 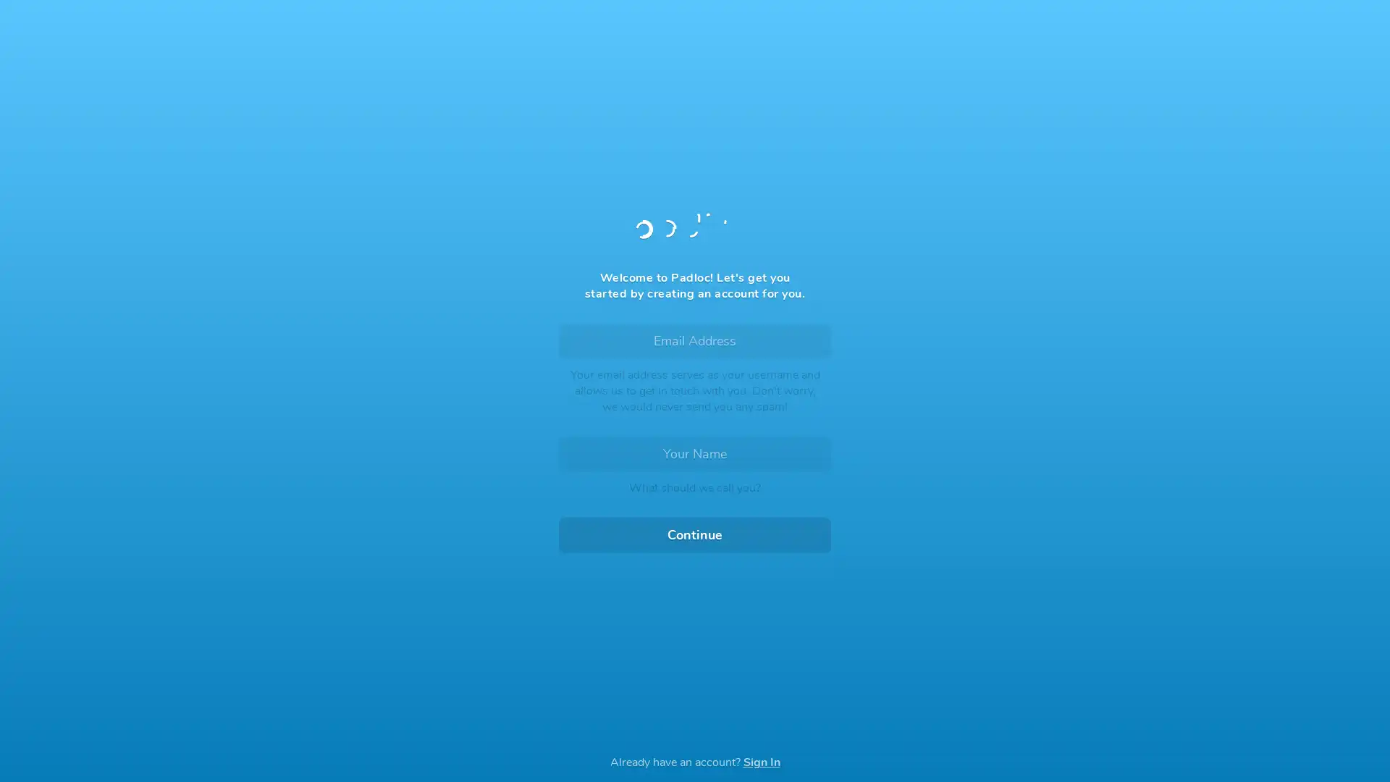 I want to click on Recover Account, so click(x=695, y=661).